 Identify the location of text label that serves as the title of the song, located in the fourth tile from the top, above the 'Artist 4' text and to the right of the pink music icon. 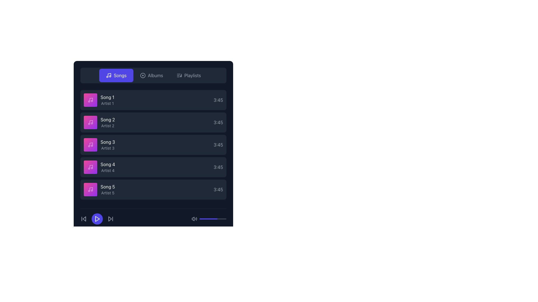
(108, 164).